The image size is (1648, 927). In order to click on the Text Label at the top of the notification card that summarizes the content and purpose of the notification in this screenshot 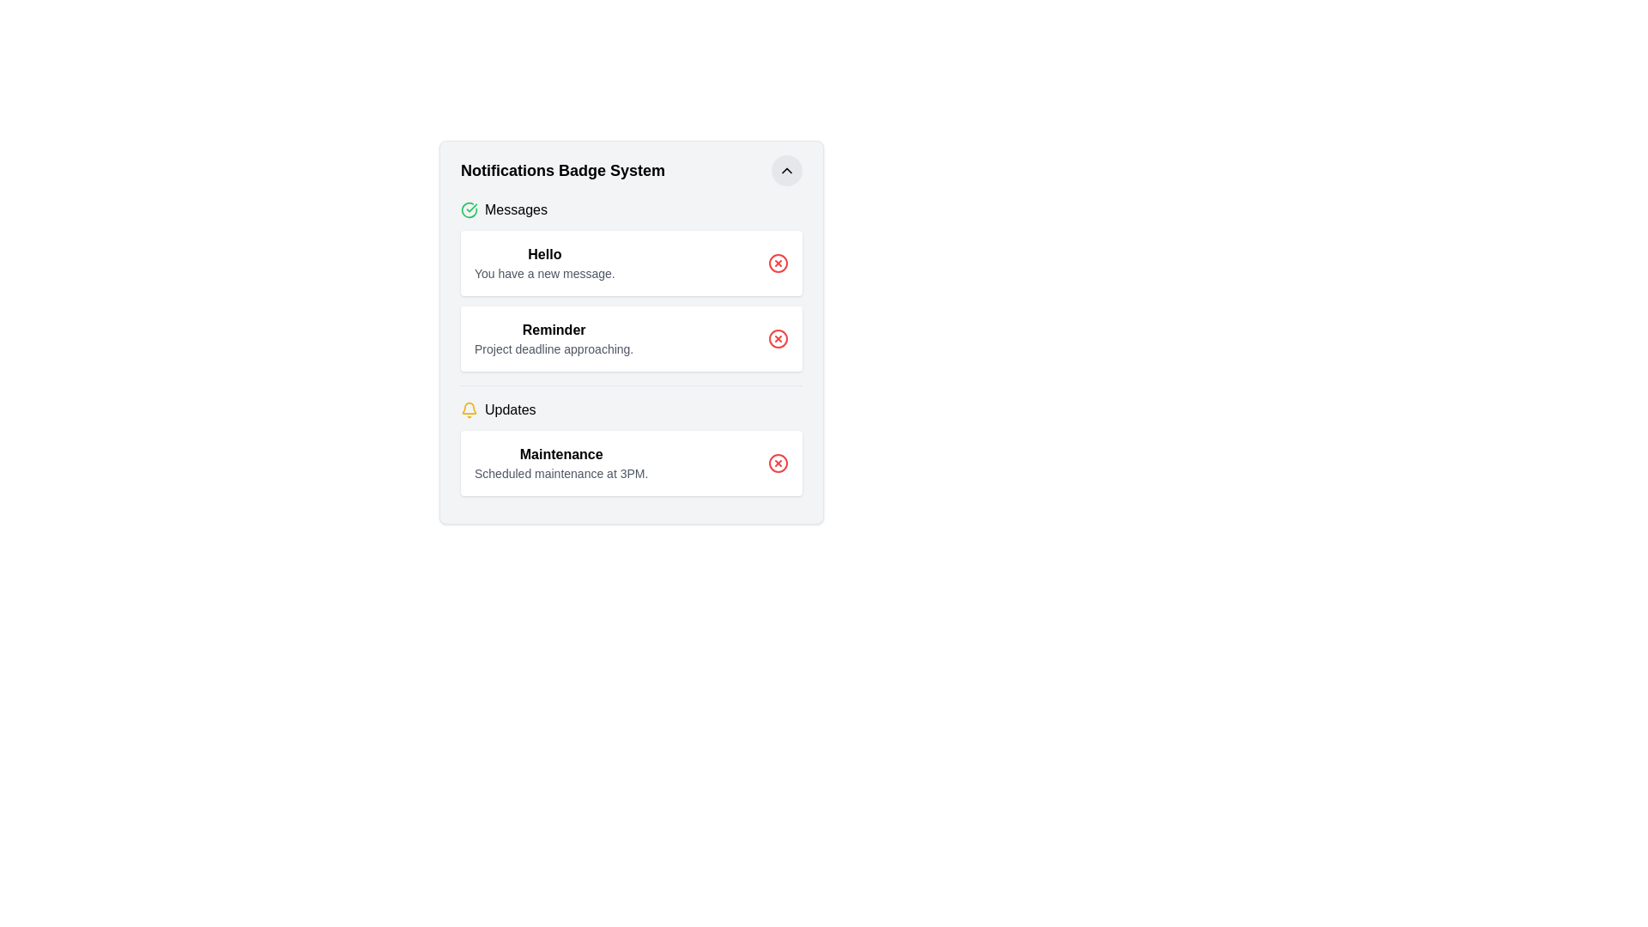, I will do `click(543, 255)`.